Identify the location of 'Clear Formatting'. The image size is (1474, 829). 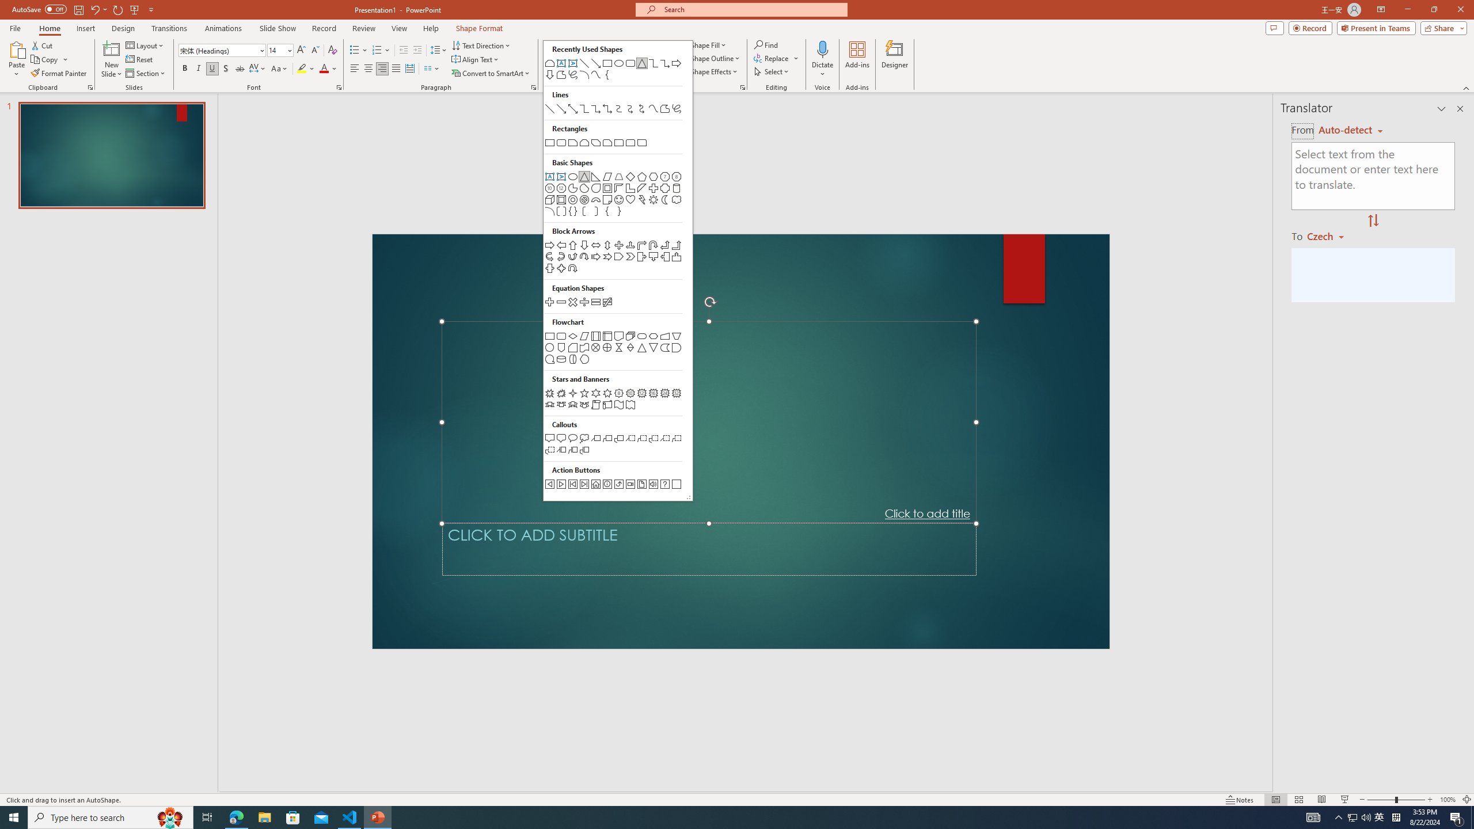
(332, 50).